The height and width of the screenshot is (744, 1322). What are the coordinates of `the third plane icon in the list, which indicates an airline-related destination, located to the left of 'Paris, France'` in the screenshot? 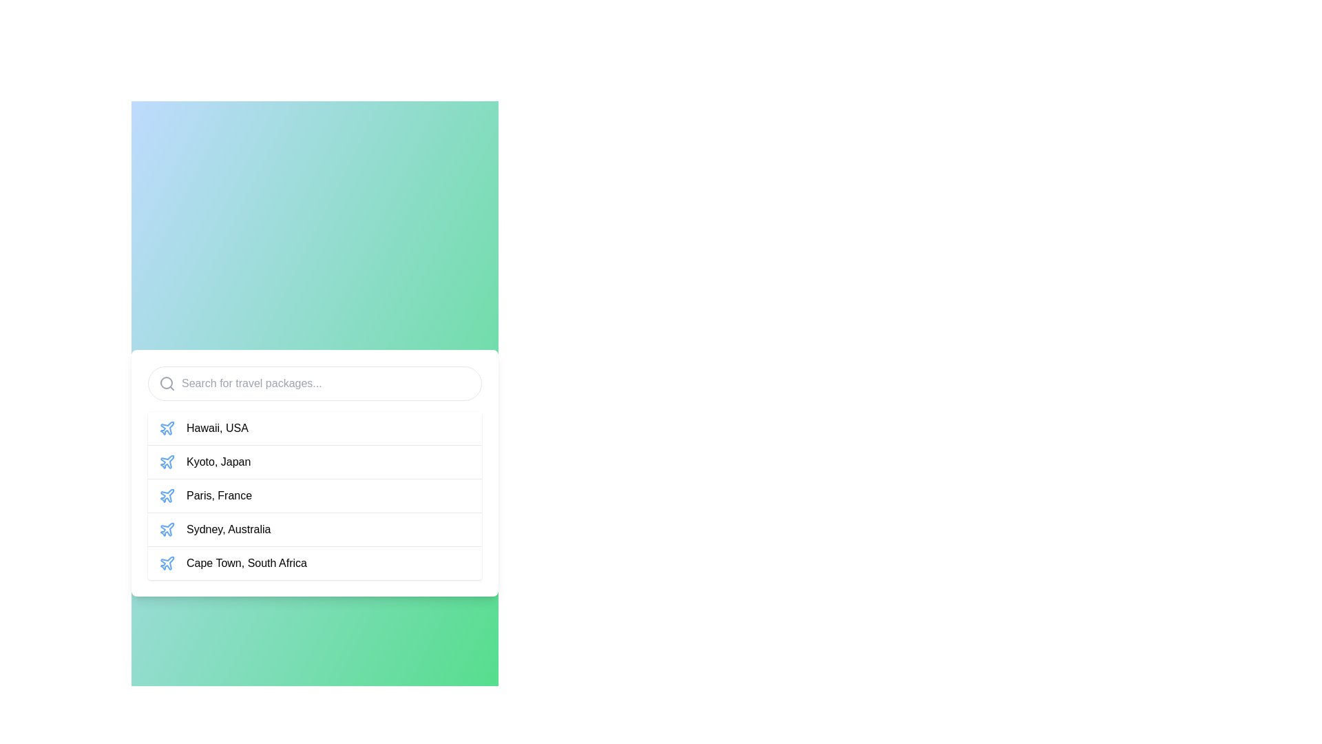 It's located at (167, 495).